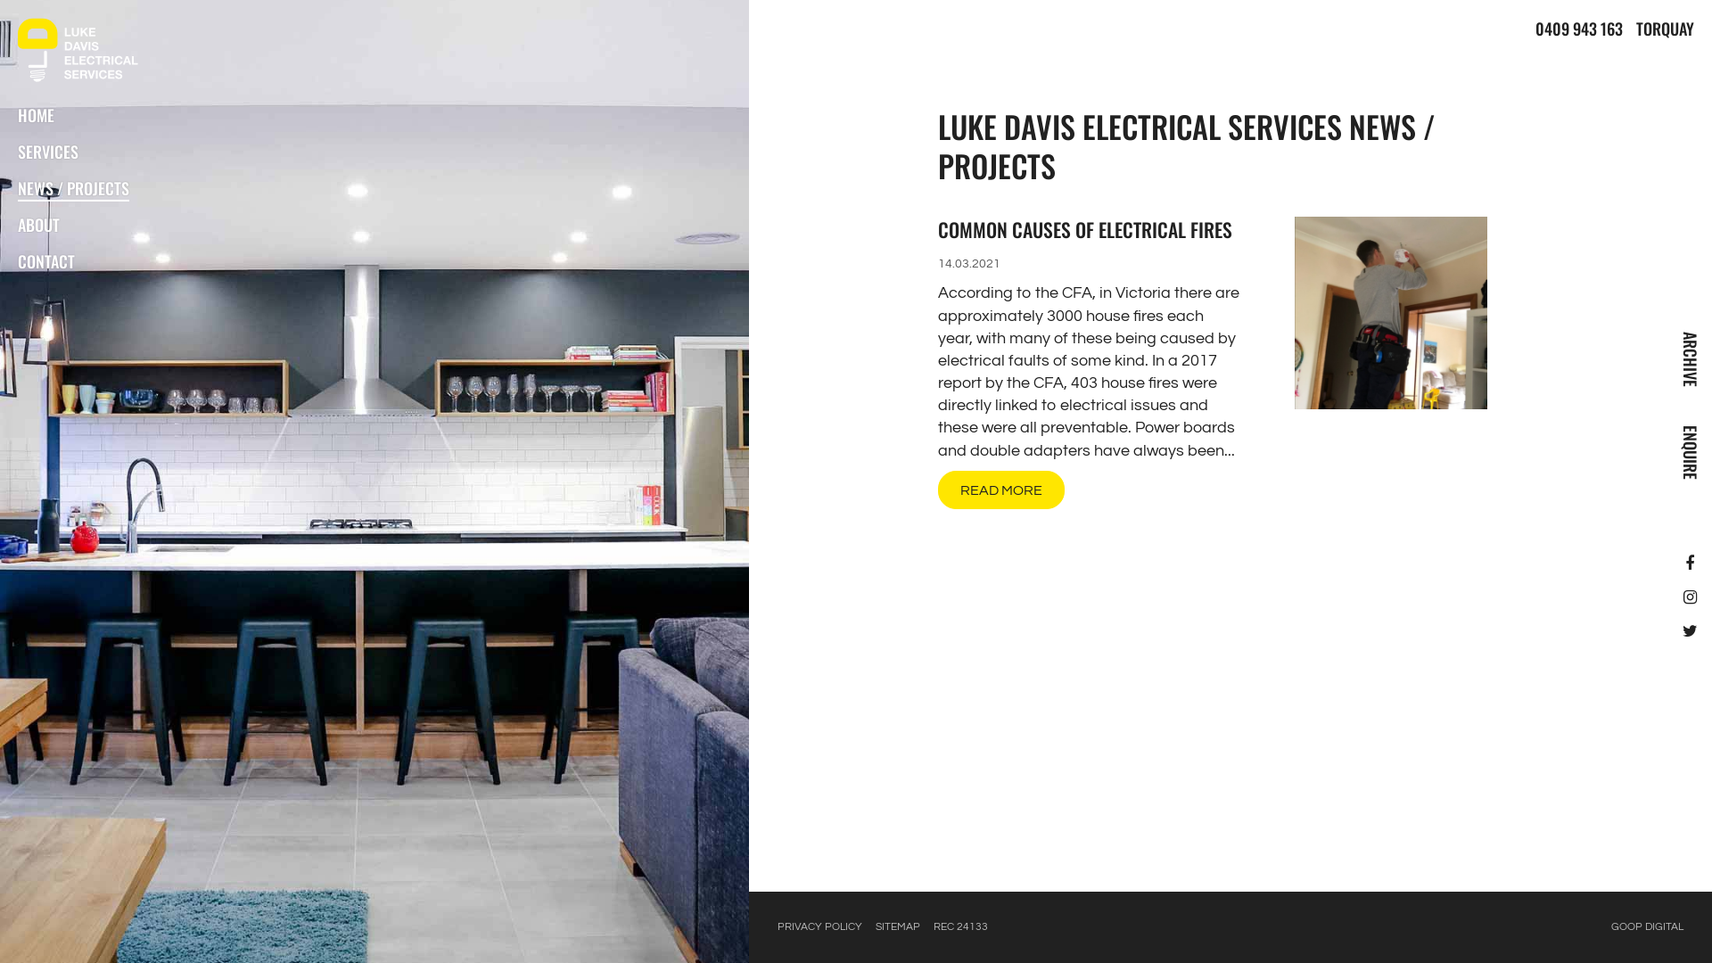 The image size is (1712, 963). I want to click on 'COMMON CAUSES OF ELECTRICAL FIRES', so click(1084, 228).